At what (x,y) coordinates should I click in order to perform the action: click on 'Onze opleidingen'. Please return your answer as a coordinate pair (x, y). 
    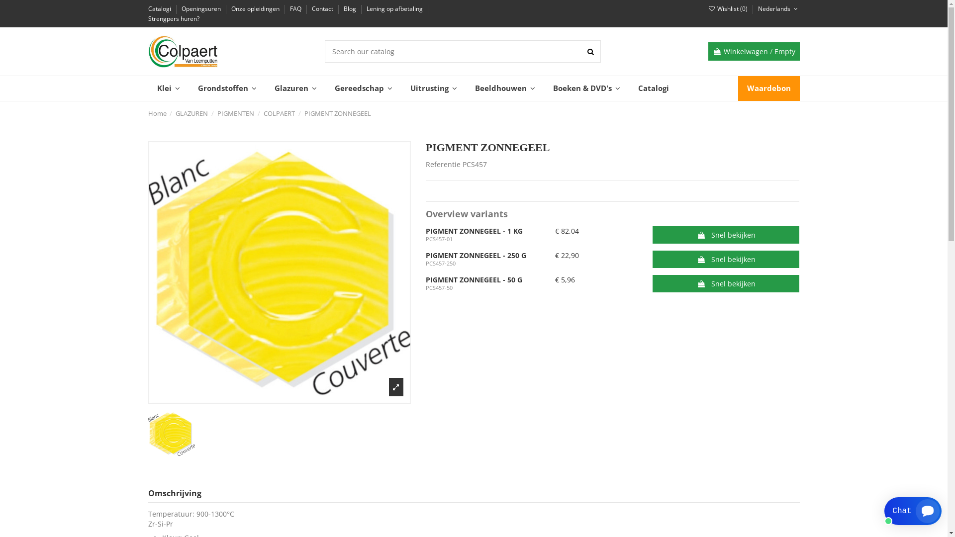
    Looking at the image, I should click on (255, 8).